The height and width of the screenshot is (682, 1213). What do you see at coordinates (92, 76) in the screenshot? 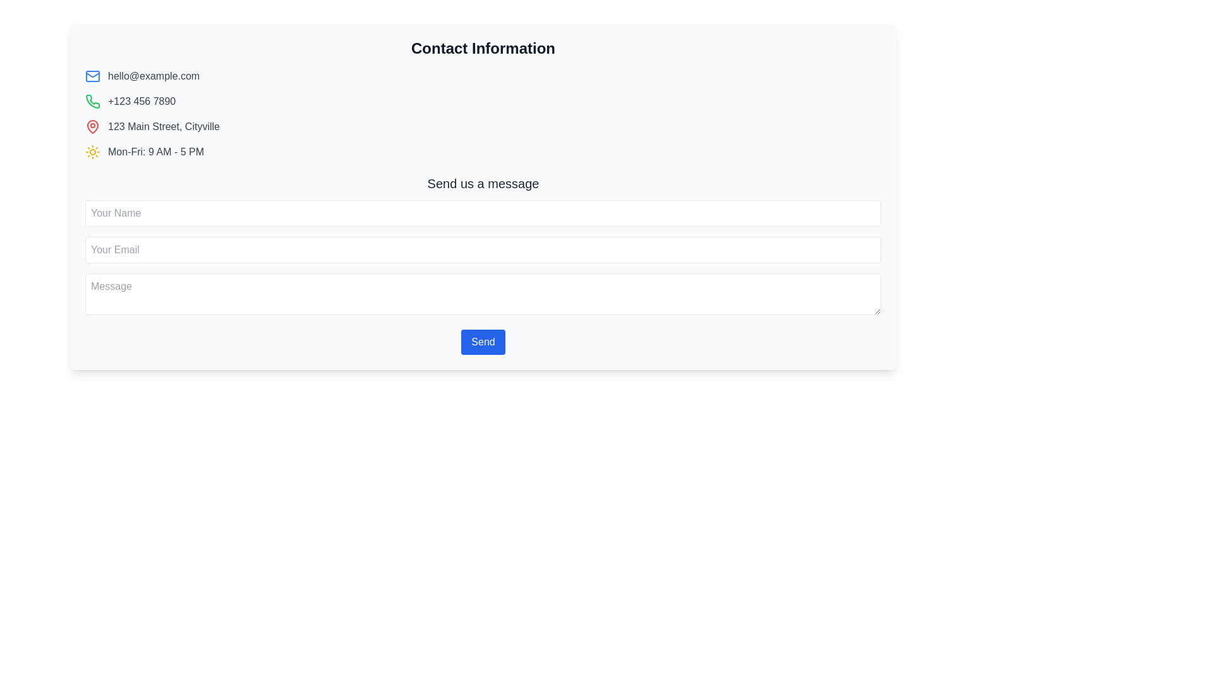
I see `the blue envelope-shaped email icon located next to 'hello@example.com'` at bounding box center [92, 76].